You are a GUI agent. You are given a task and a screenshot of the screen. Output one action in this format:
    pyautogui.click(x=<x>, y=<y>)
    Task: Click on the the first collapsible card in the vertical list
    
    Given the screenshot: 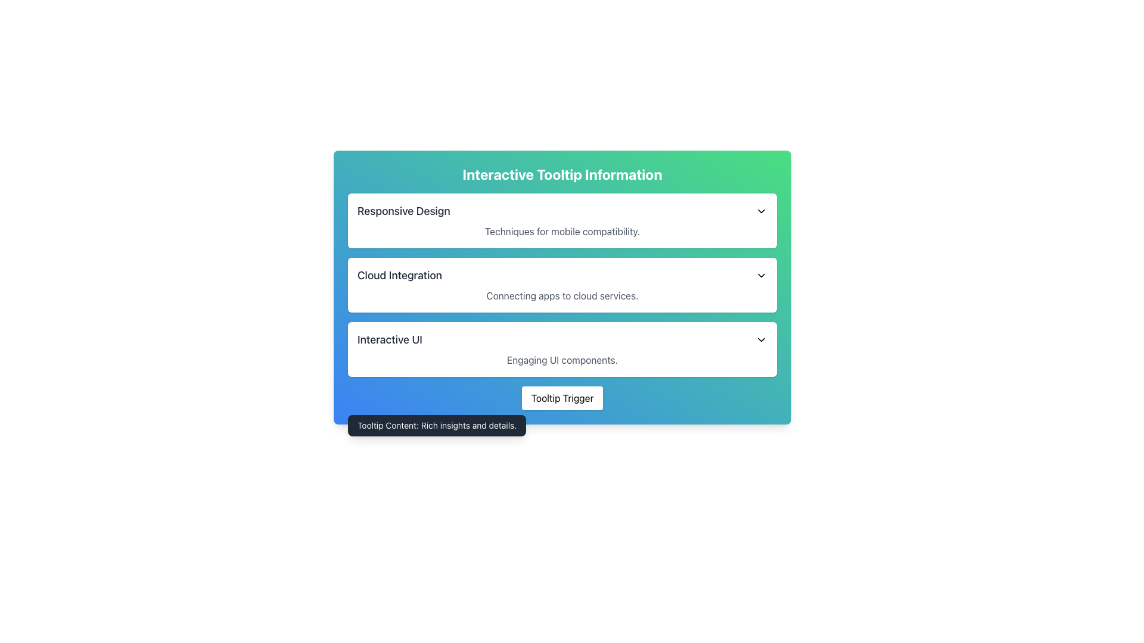 What is the action you would take?
    pyautogui.click(x=562, y=220)
    